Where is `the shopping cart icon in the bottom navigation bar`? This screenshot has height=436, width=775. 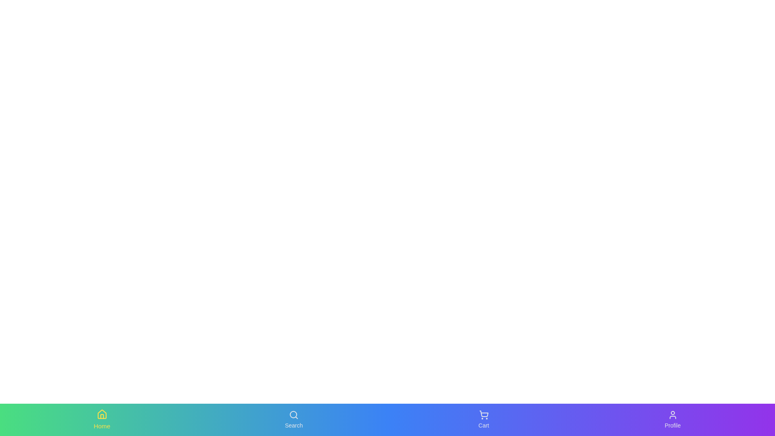
the shopping cart icon in the bottom navigation bar is located at coordinates (484, 415).